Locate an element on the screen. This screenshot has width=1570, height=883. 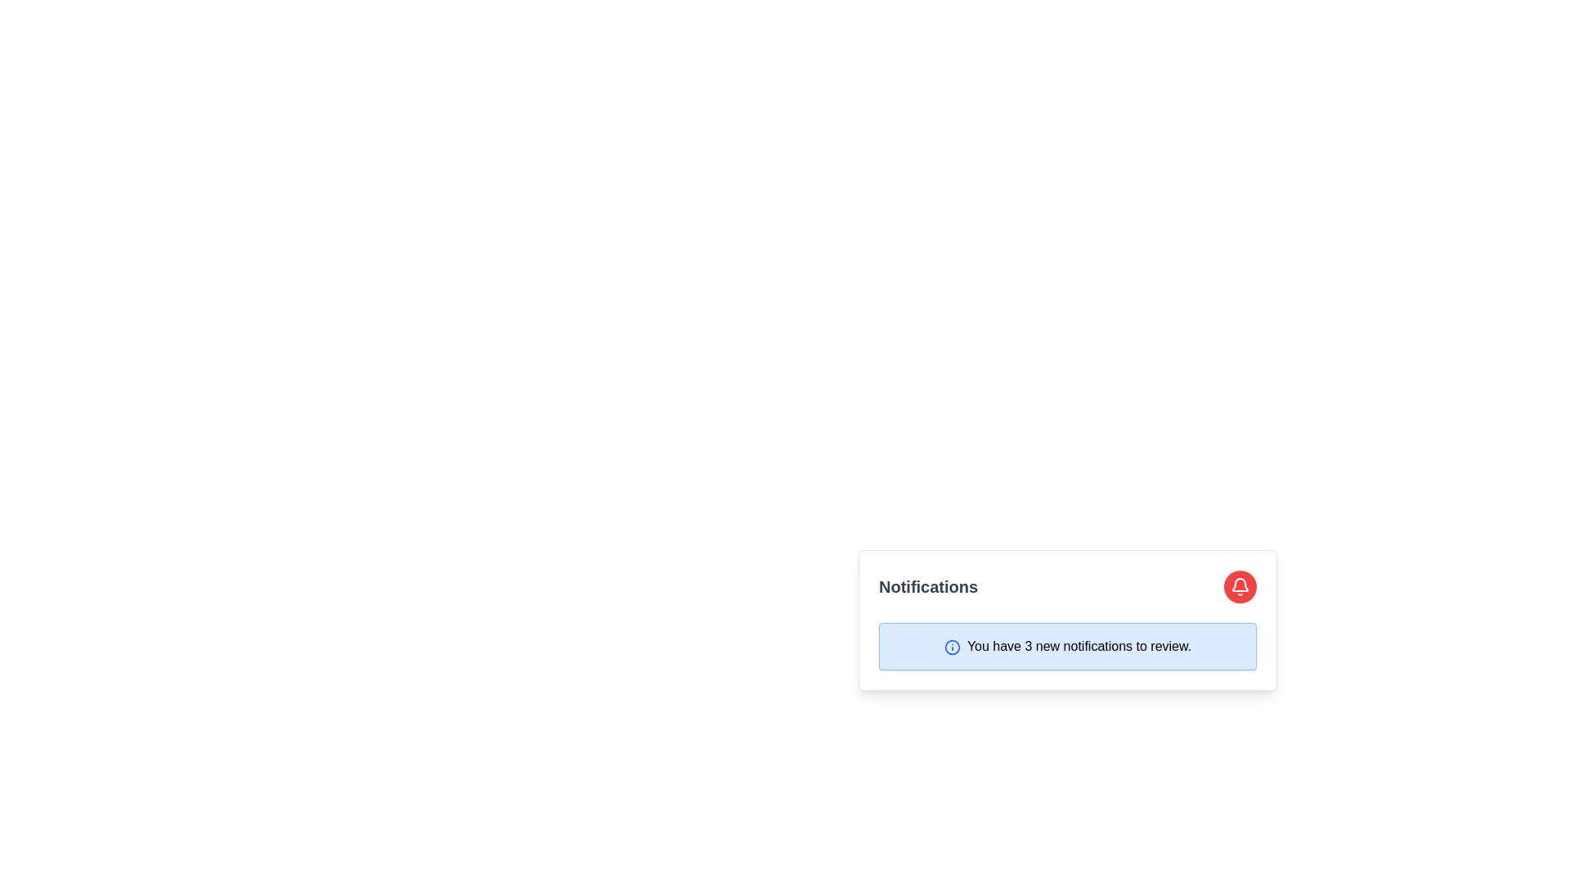
the text notification indicating 'You have 3 new notifications to review.' which is displayed in a light blue rectangular card with rounded corners and an information icon is located at coordinates (1067, 645).